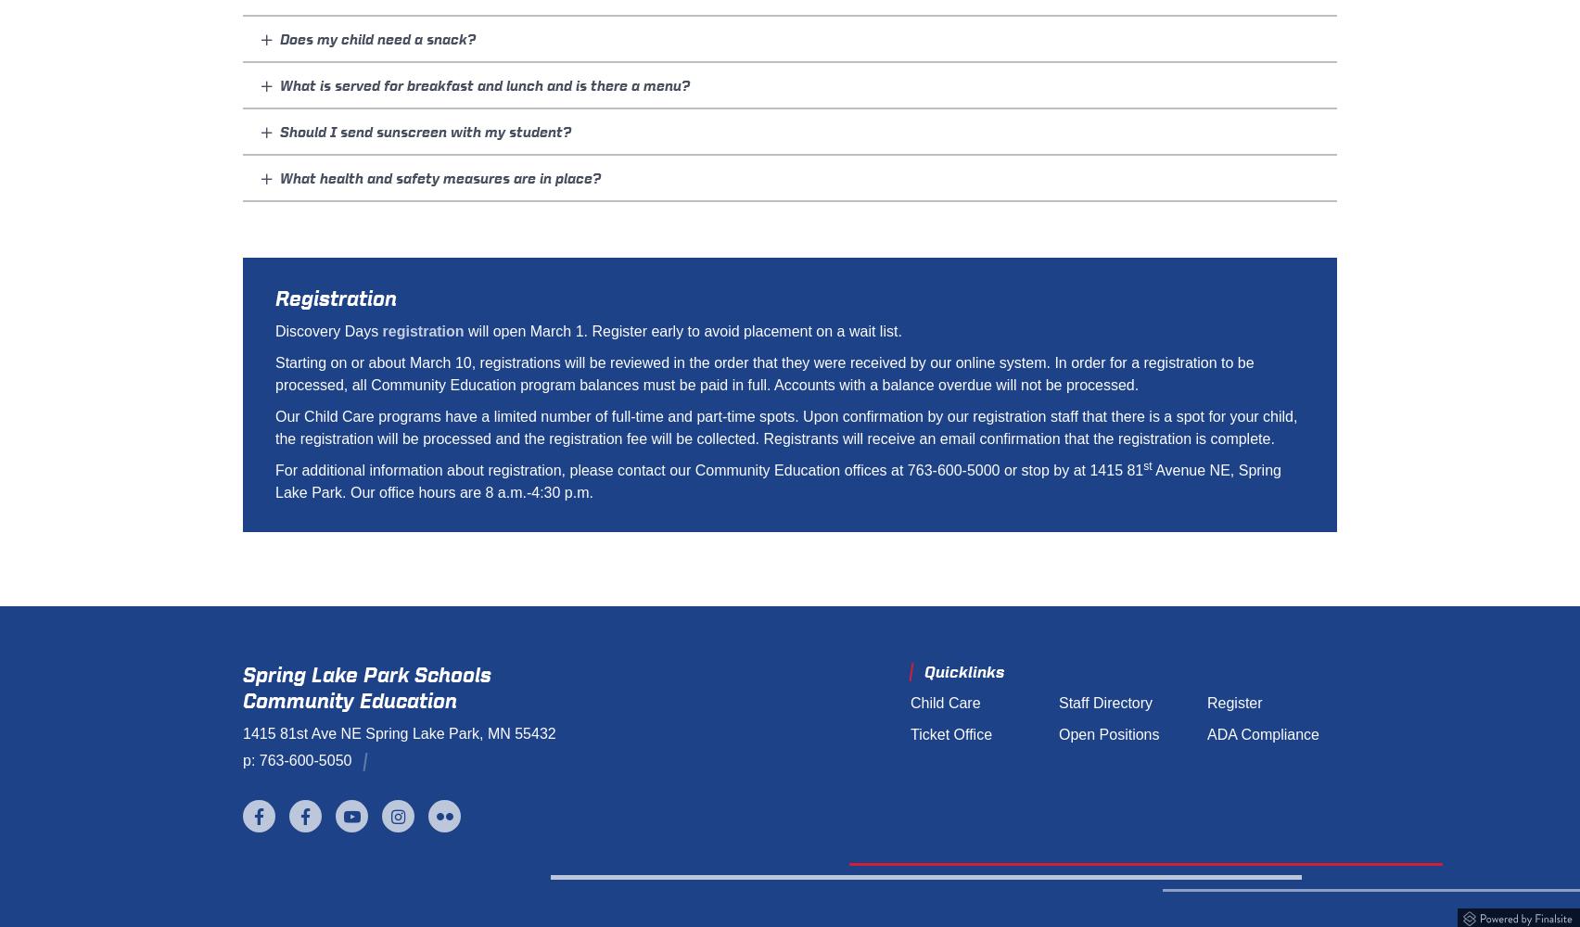  What do you see at coordinates (785, 426) in the screenshot?
I see `'Our Child Care programs have a limited number of full-time and part-time spots. Upon confirmation by our registration staff that there is a spot for your child, the registration will be processed and the registration fee will be collected. Registrants will receive an email confirmation that the registration is complete.'` at bounding box center [785, 426].